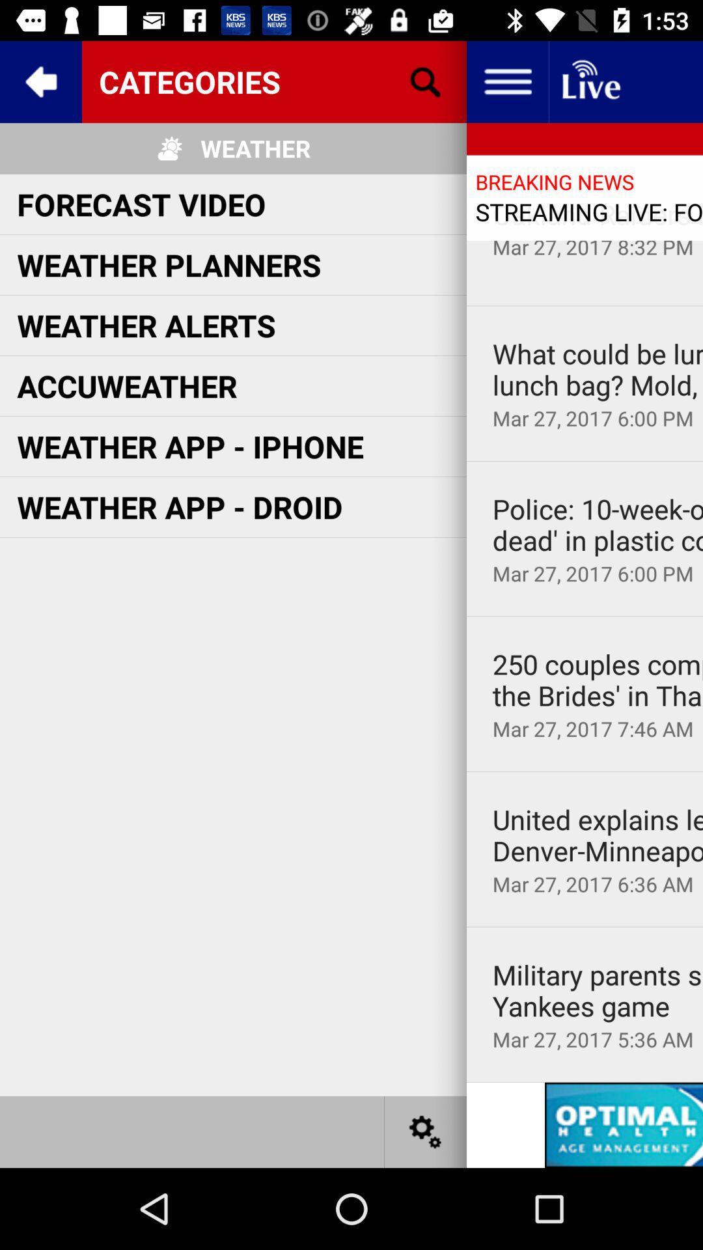 This screenshot has height=1250, width=703. Describe the element at coordinates (127, 385) in the screenshot. I see `the icon below the weather alerts` at that location.